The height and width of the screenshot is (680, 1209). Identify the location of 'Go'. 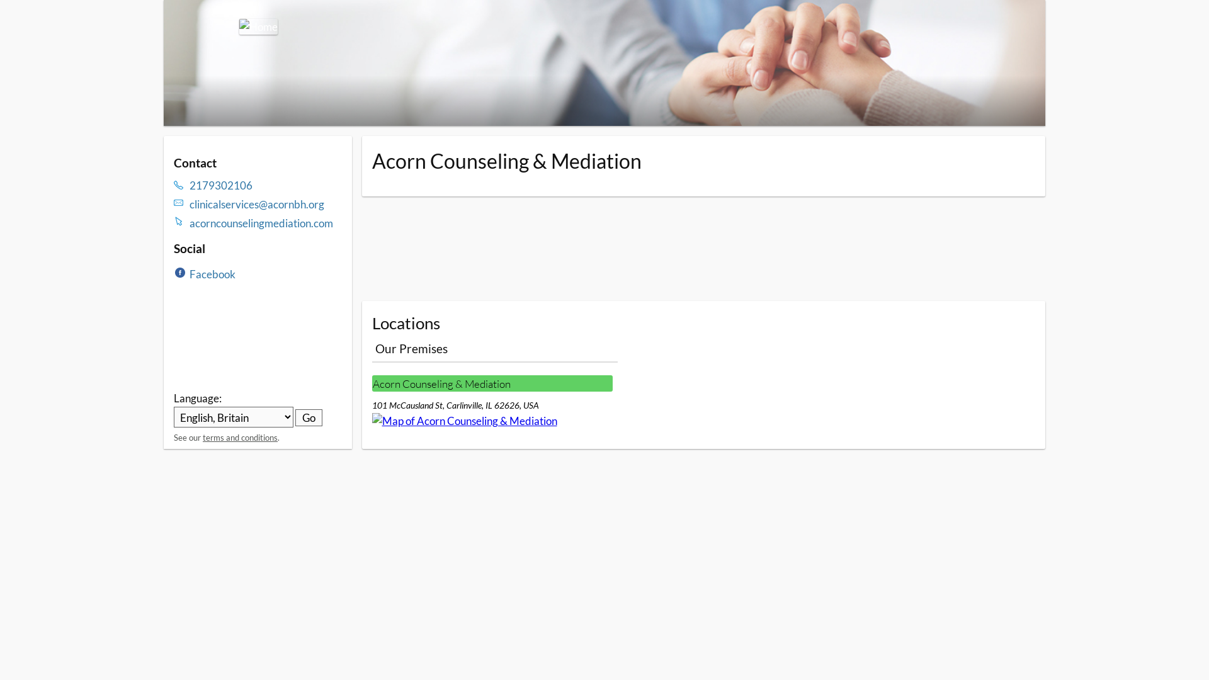
(309, 417).